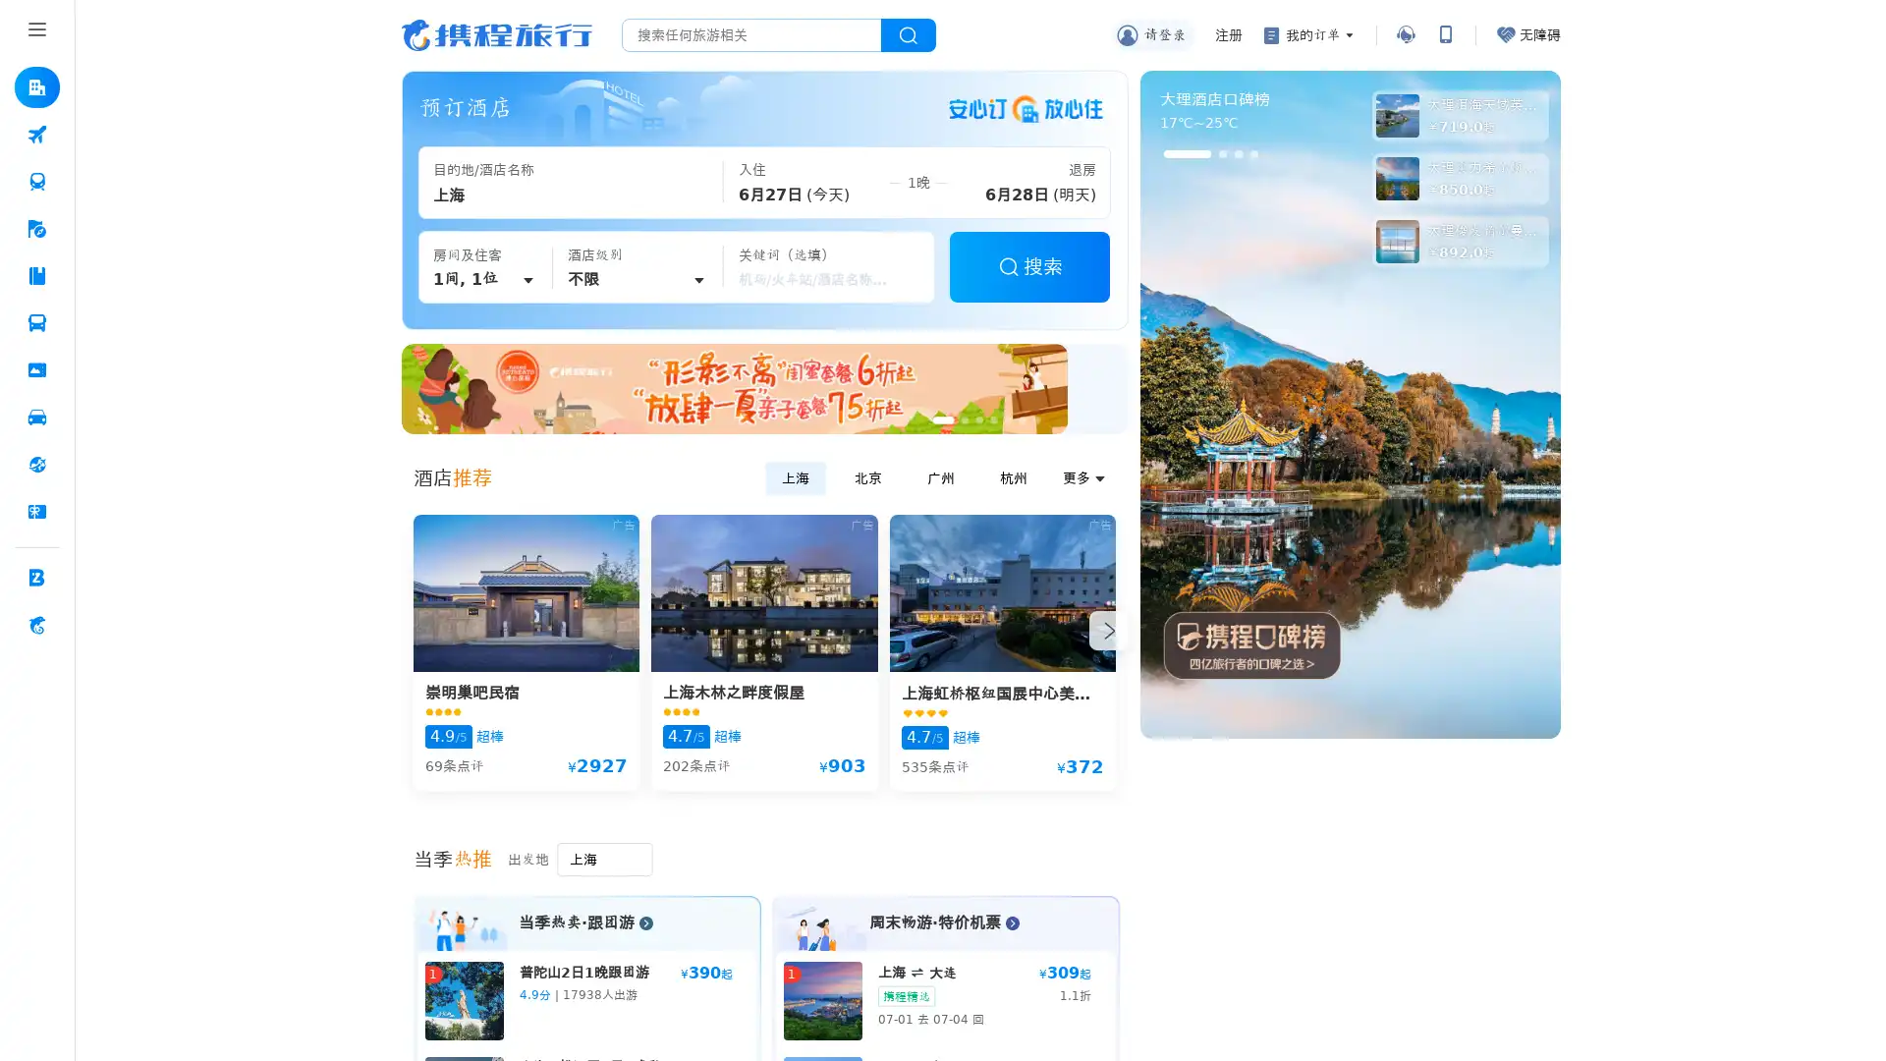 The width and height of the screenshot is (1886, 1061). Describe the element at coordinates (991, 426) in the screenshot. I see `Go to slide 1` at that location.